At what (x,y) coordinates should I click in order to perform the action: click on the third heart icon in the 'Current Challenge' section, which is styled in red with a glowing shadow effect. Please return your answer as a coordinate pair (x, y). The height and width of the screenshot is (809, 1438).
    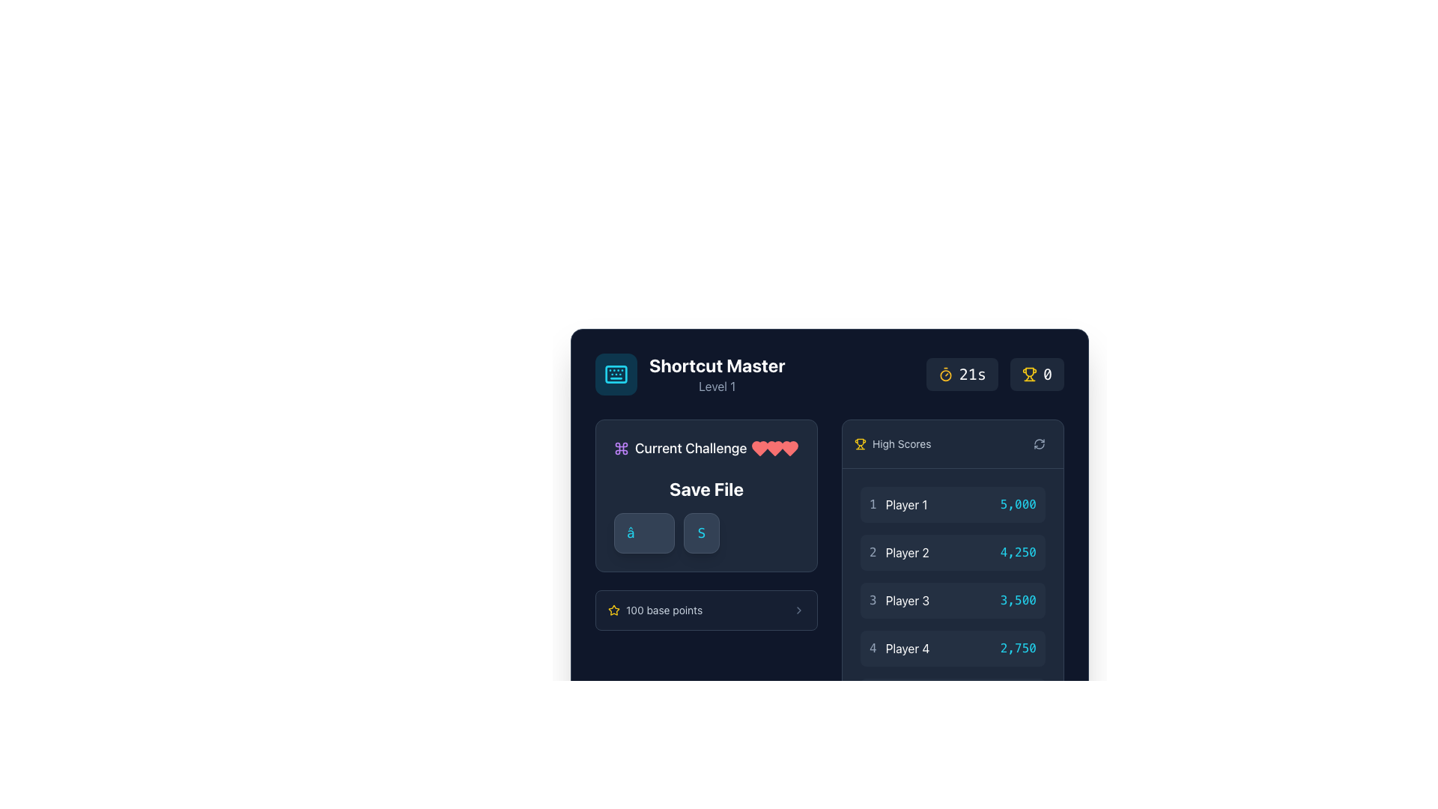
    Looking at the image, I should click on (759, 447).